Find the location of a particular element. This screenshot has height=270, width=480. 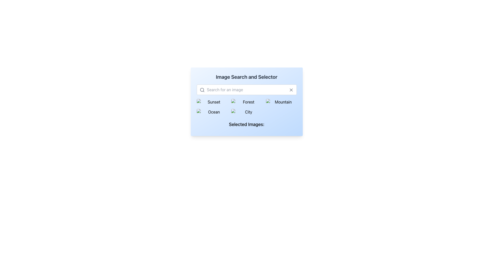

the circular SVG element that is part of the magnifying glass icon located at the top-left corner of the search bar to trigger a tooltip or UI response is located at coordinates (202, 89).